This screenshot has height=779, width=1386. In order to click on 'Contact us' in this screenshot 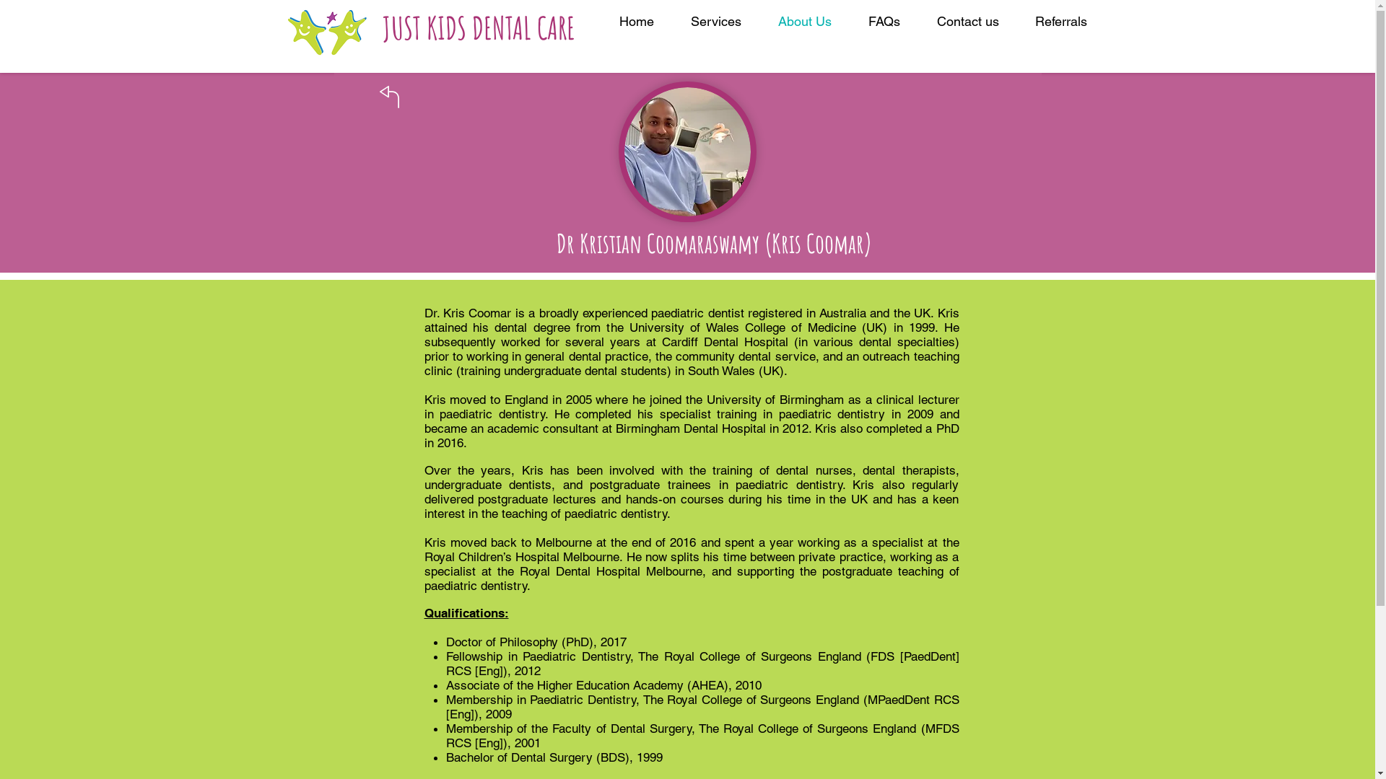, I will do `click(967, 21)`.